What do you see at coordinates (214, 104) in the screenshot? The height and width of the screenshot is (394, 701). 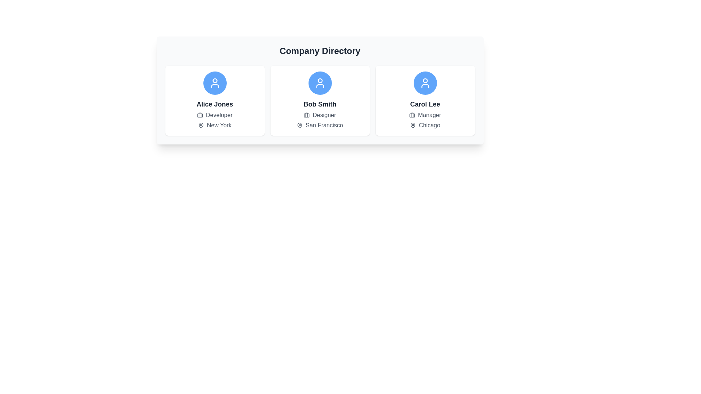 I see `the static text label displaying the individual's name in the first card of the Company Directory section, which is positioned below the avatar and above the occupation and location text` at bounding box center [214, 104].